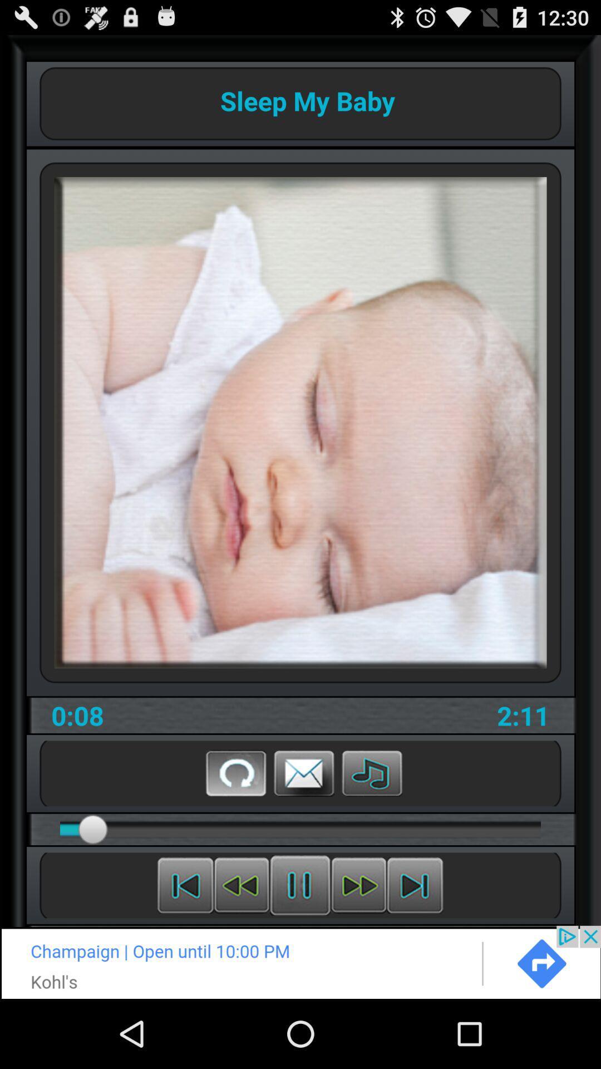 The width and height of the screenshot is (601, 1069). I want to click on the email icon, so click(304, 827).